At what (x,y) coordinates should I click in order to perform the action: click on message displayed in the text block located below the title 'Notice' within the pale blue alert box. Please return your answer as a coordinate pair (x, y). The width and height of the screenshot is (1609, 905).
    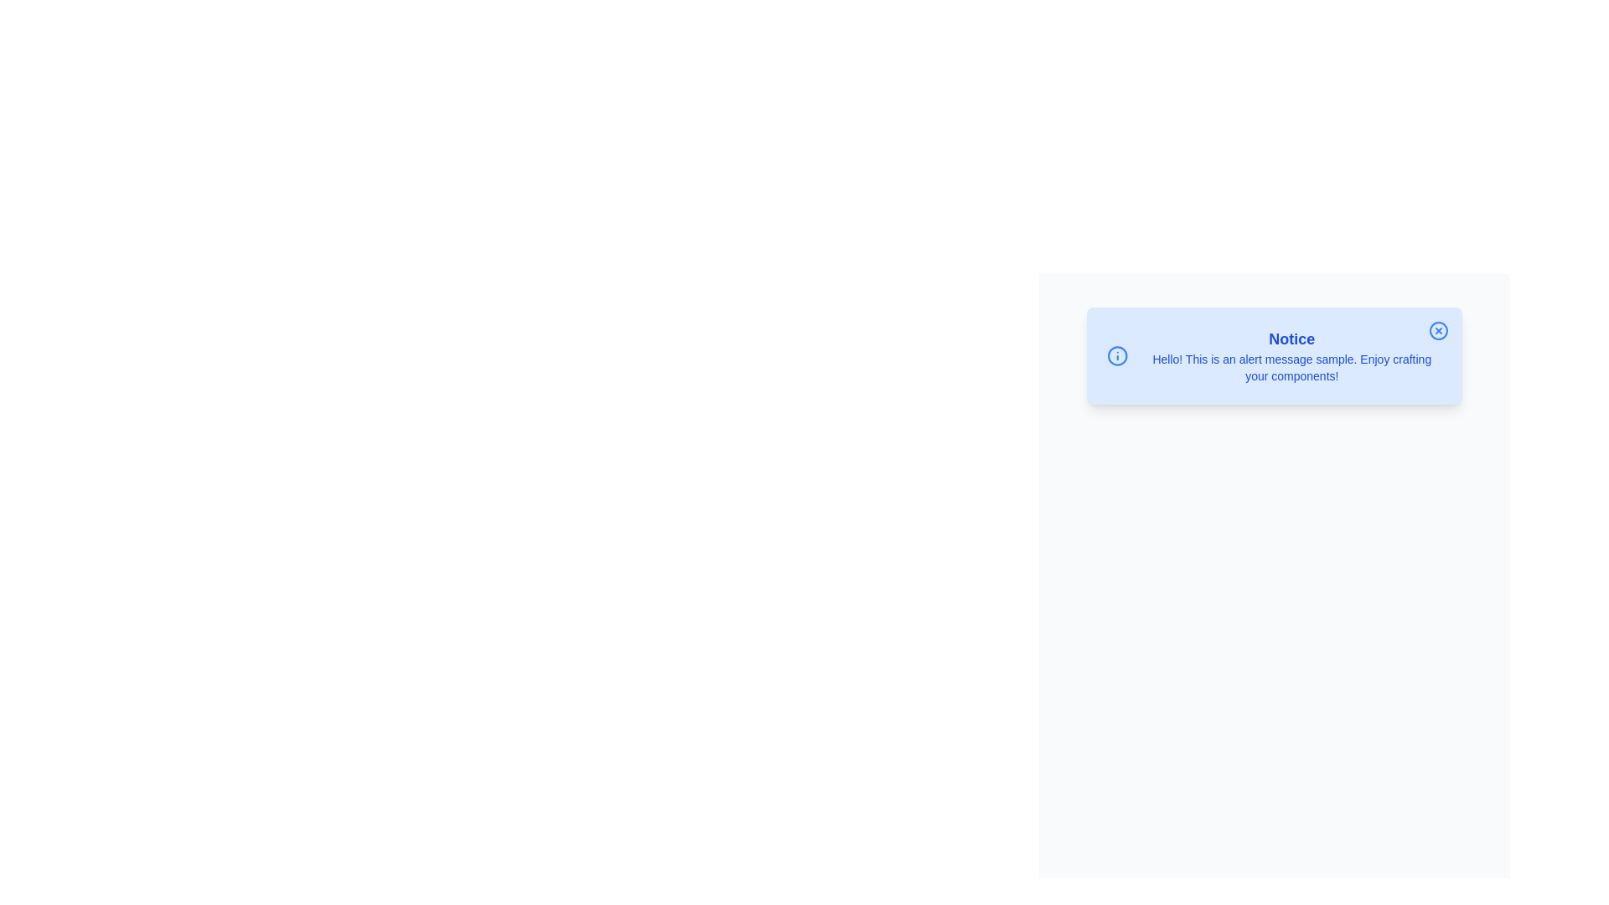
    Looking at the image, I should click on (1291, 367).